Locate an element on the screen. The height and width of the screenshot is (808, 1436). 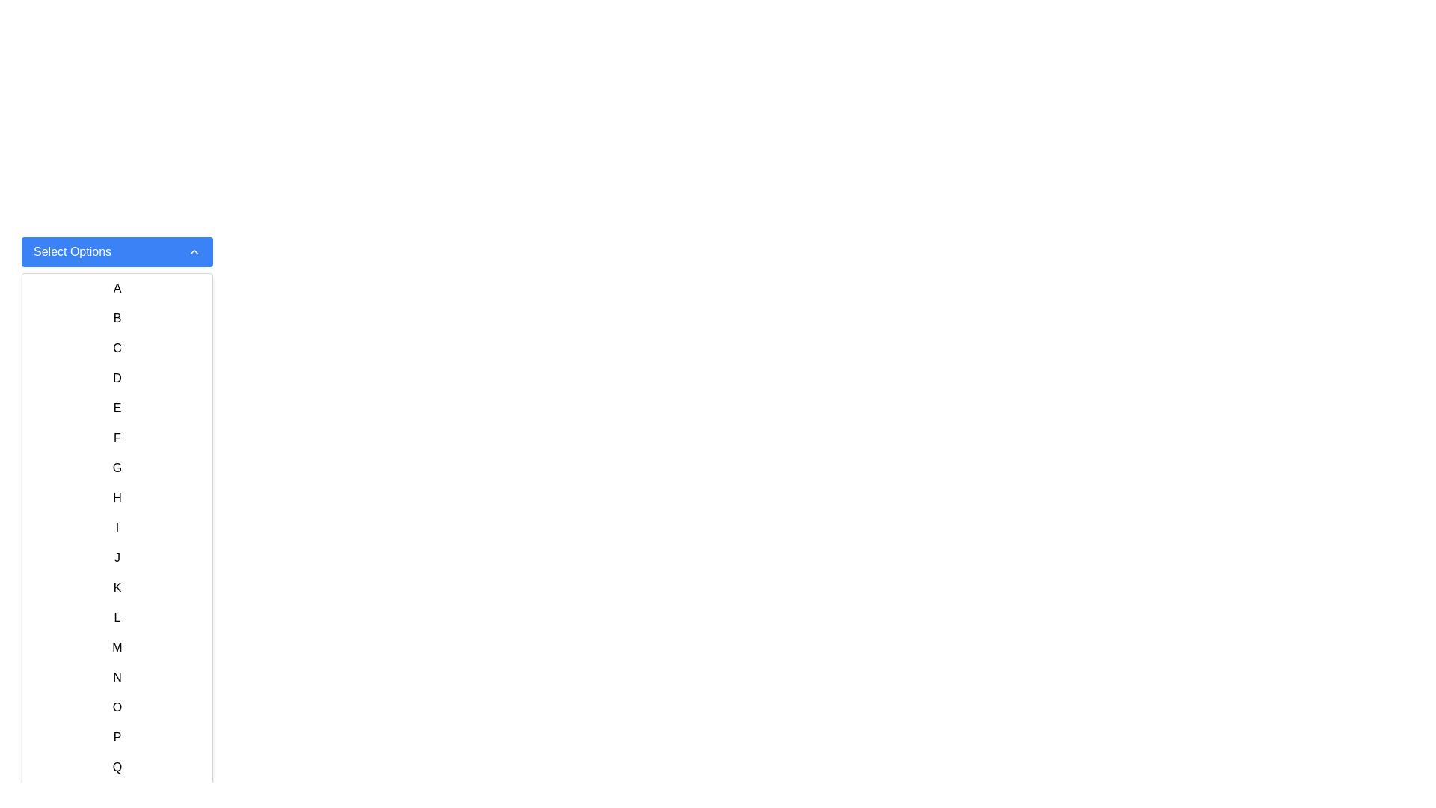
the list item displaying the character 'I' in the dropdown menu is located at coordinates (117, 527).